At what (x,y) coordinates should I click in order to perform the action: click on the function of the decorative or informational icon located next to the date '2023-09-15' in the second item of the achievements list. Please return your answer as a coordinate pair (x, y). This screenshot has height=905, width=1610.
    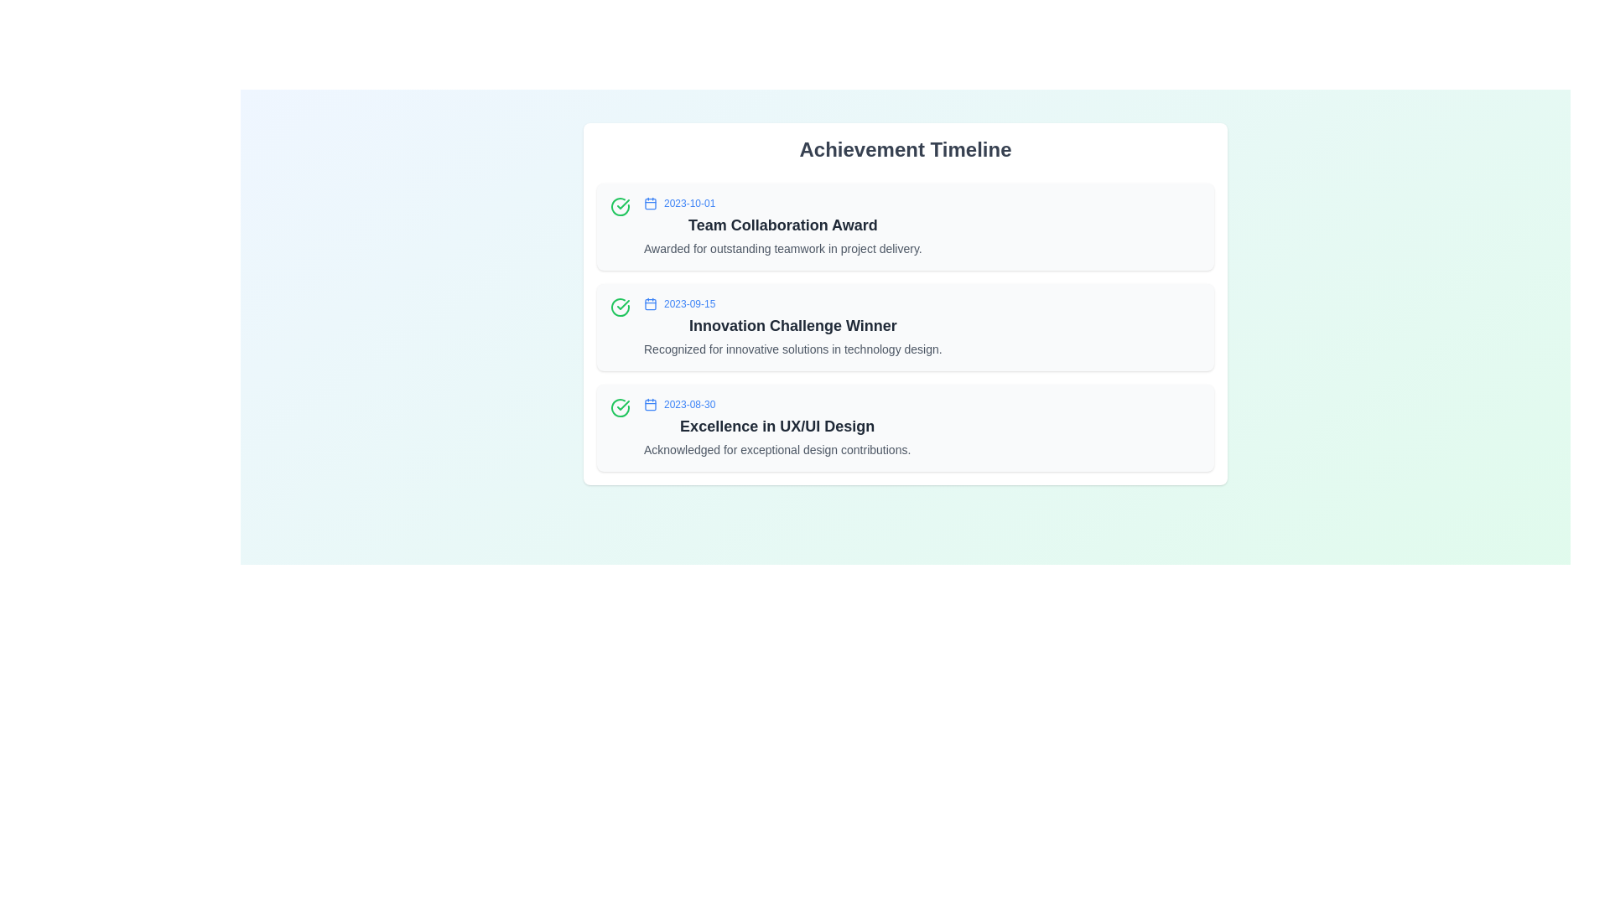
    Looking at the image, I should click on (650, 303).